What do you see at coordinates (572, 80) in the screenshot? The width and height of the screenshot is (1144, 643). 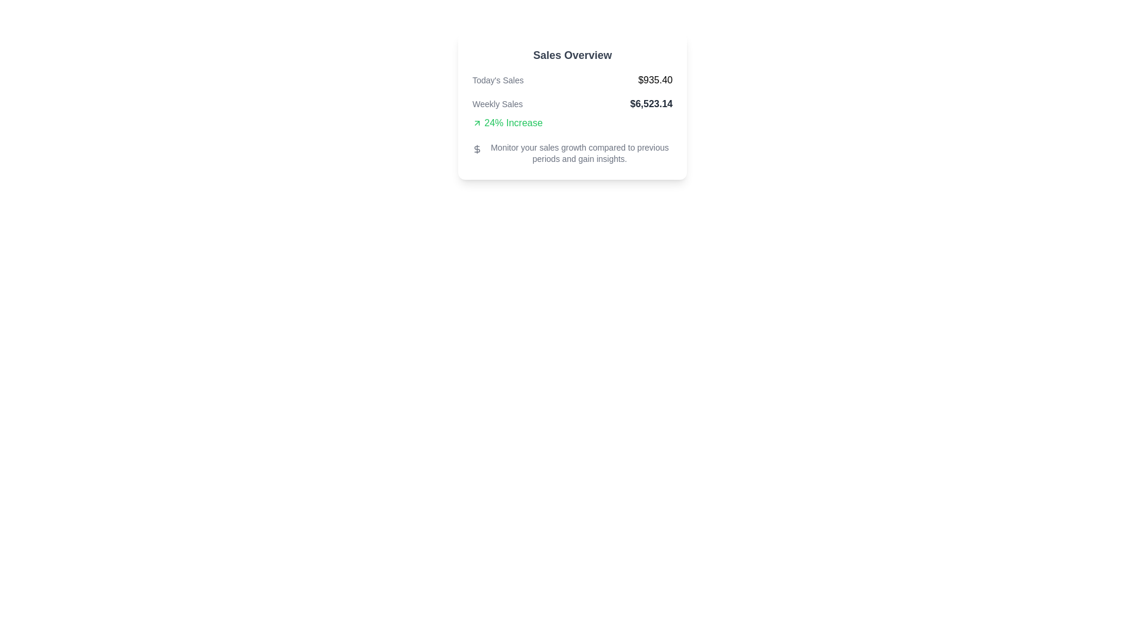 I see `information displayed in the 'Today's Sales' section, which shows the dollar amount '$935.40'` at bounding box center [572, 80].